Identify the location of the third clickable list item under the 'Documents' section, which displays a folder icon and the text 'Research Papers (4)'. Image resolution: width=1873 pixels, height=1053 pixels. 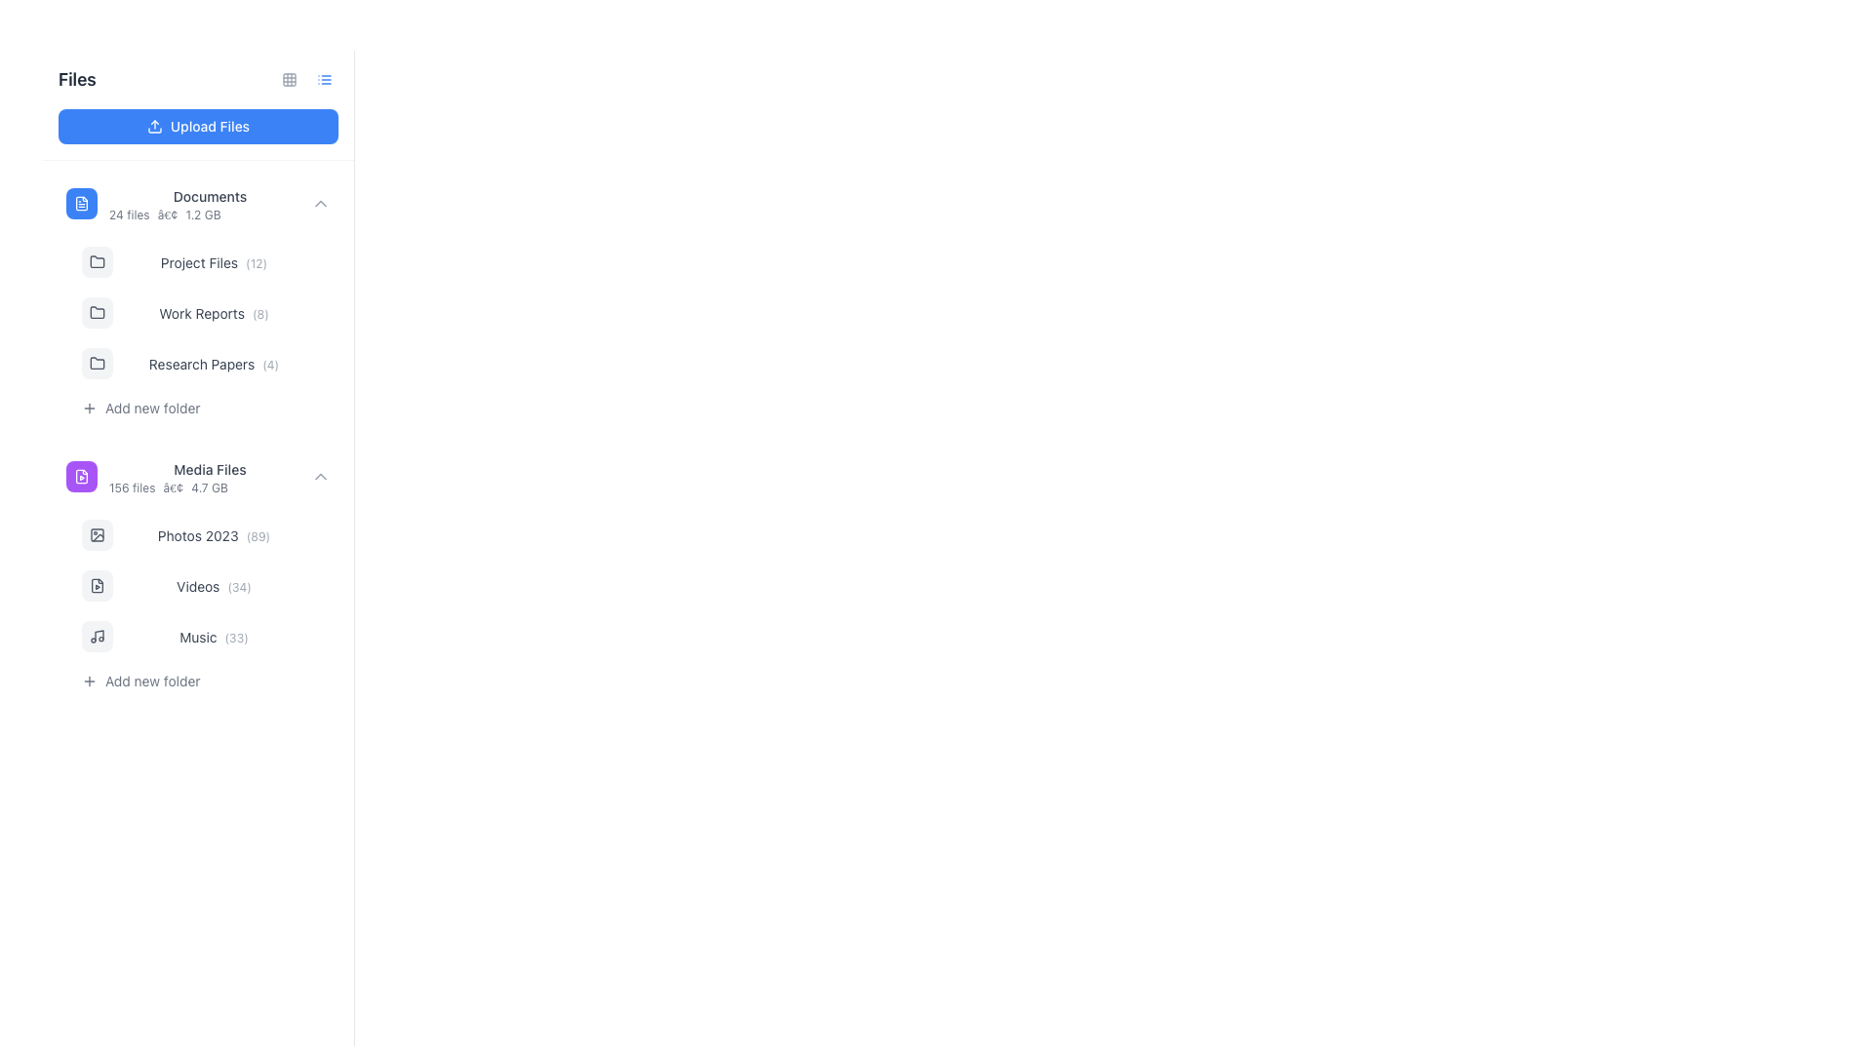
(206, 364).